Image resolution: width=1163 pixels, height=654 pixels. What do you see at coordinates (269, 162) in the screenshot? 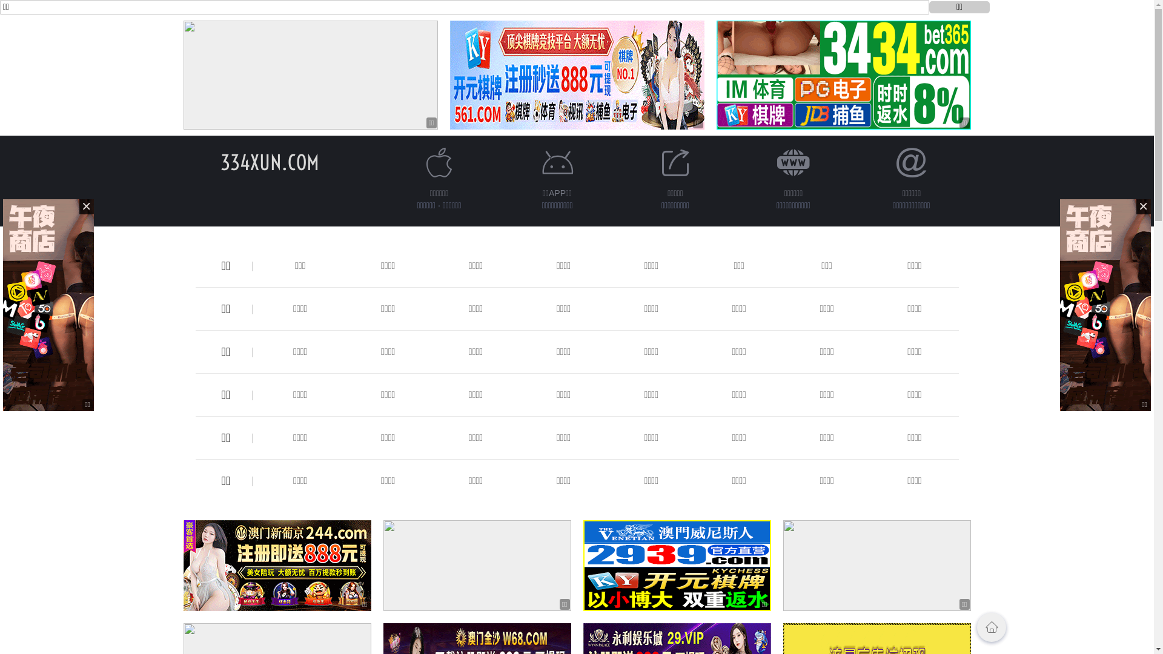
I see `'334XUN.COM'` at bounding box center [269, 162].